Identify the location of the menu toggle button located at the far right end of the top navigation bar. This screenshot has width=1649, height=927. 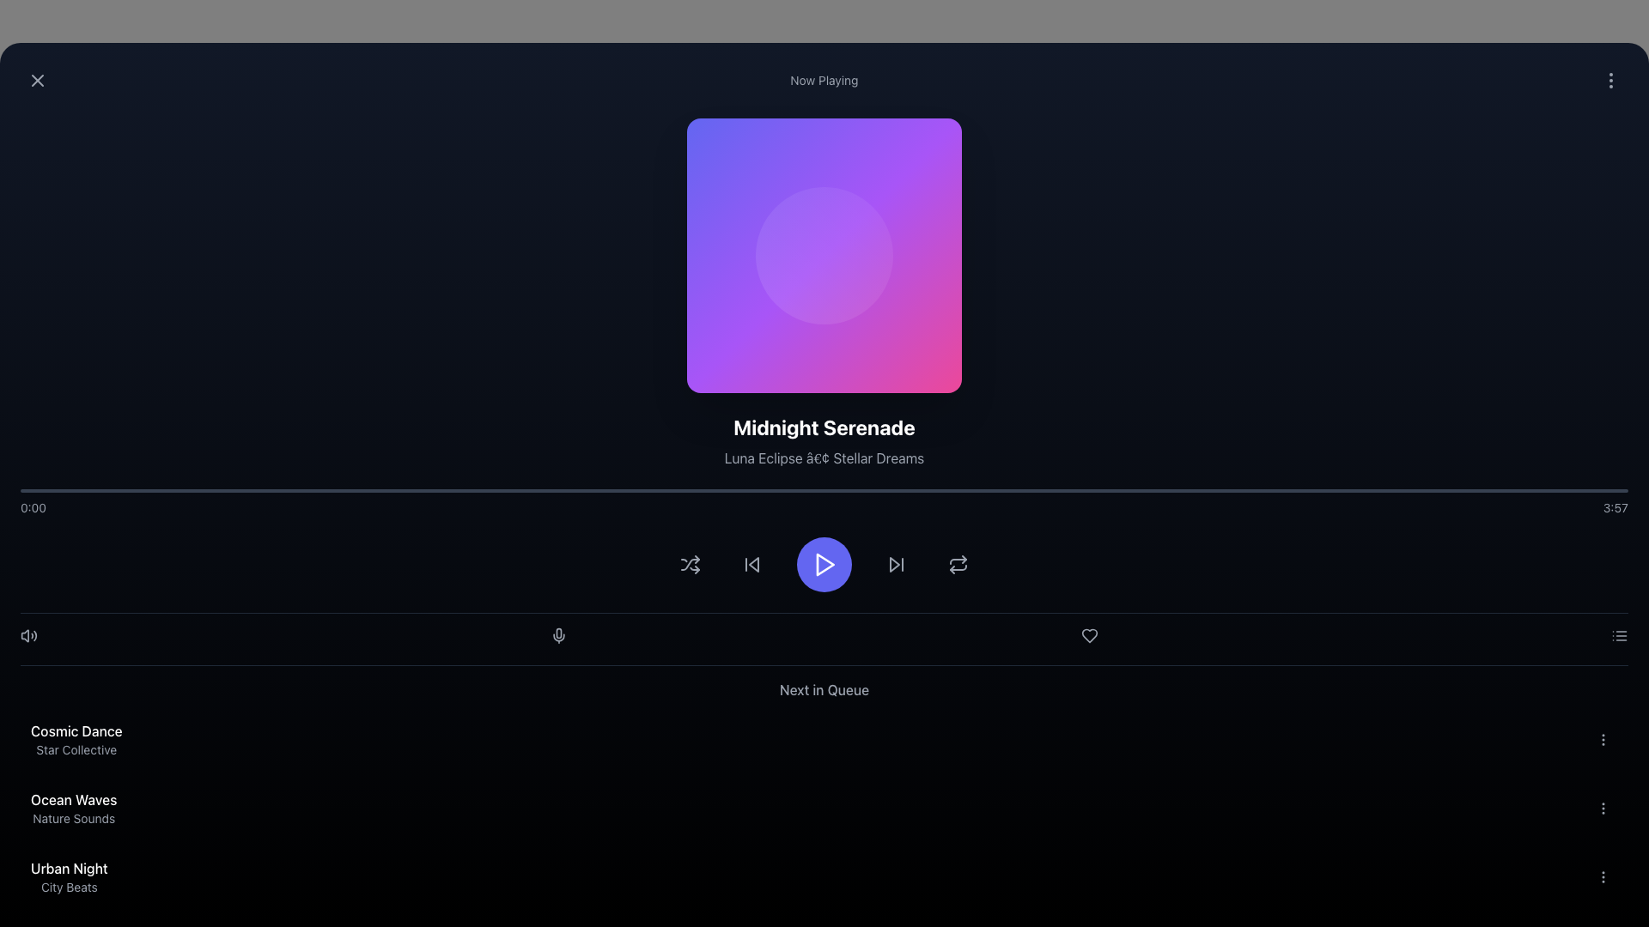
(1610, 80).